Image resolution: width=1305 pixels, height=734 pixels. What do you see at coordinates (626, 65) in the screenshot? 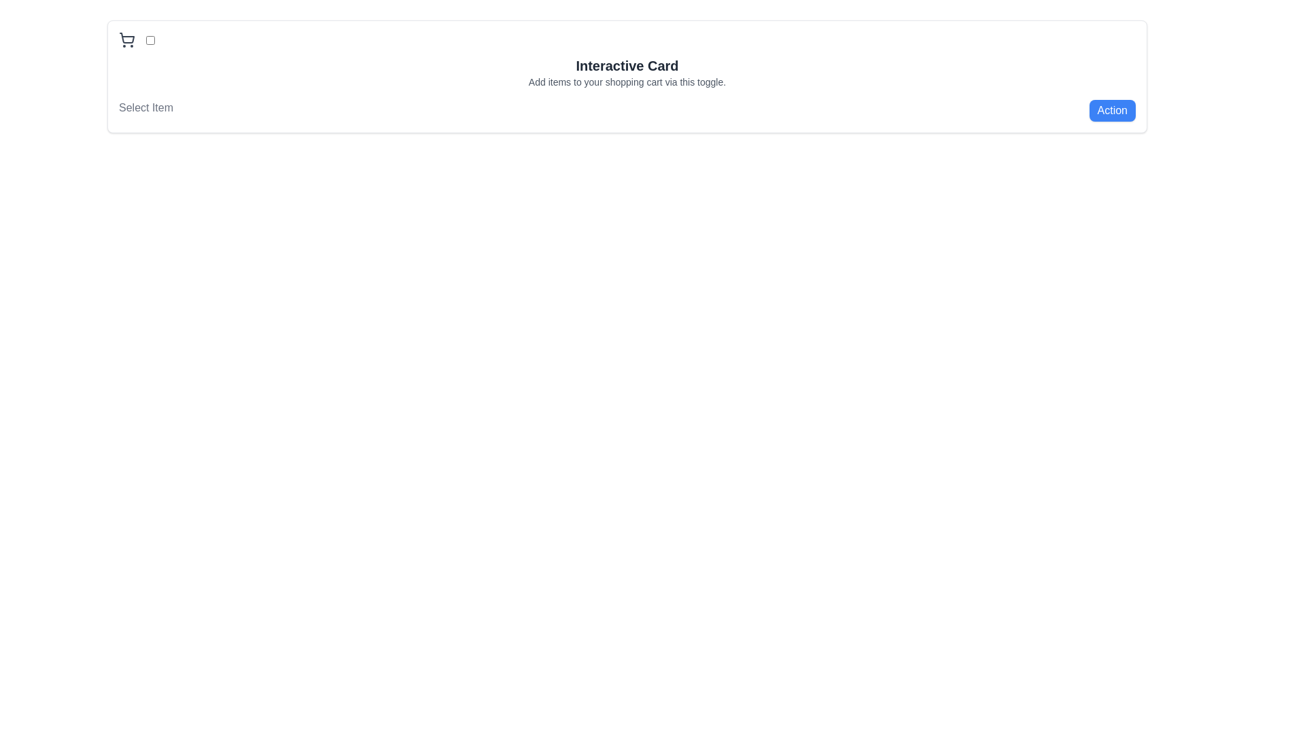
I see `the heading text that serves as a title for the section, indicating its purpose above the text 'Add items to your shopping cart via this toggle.'` at bounding box center [626, 65].